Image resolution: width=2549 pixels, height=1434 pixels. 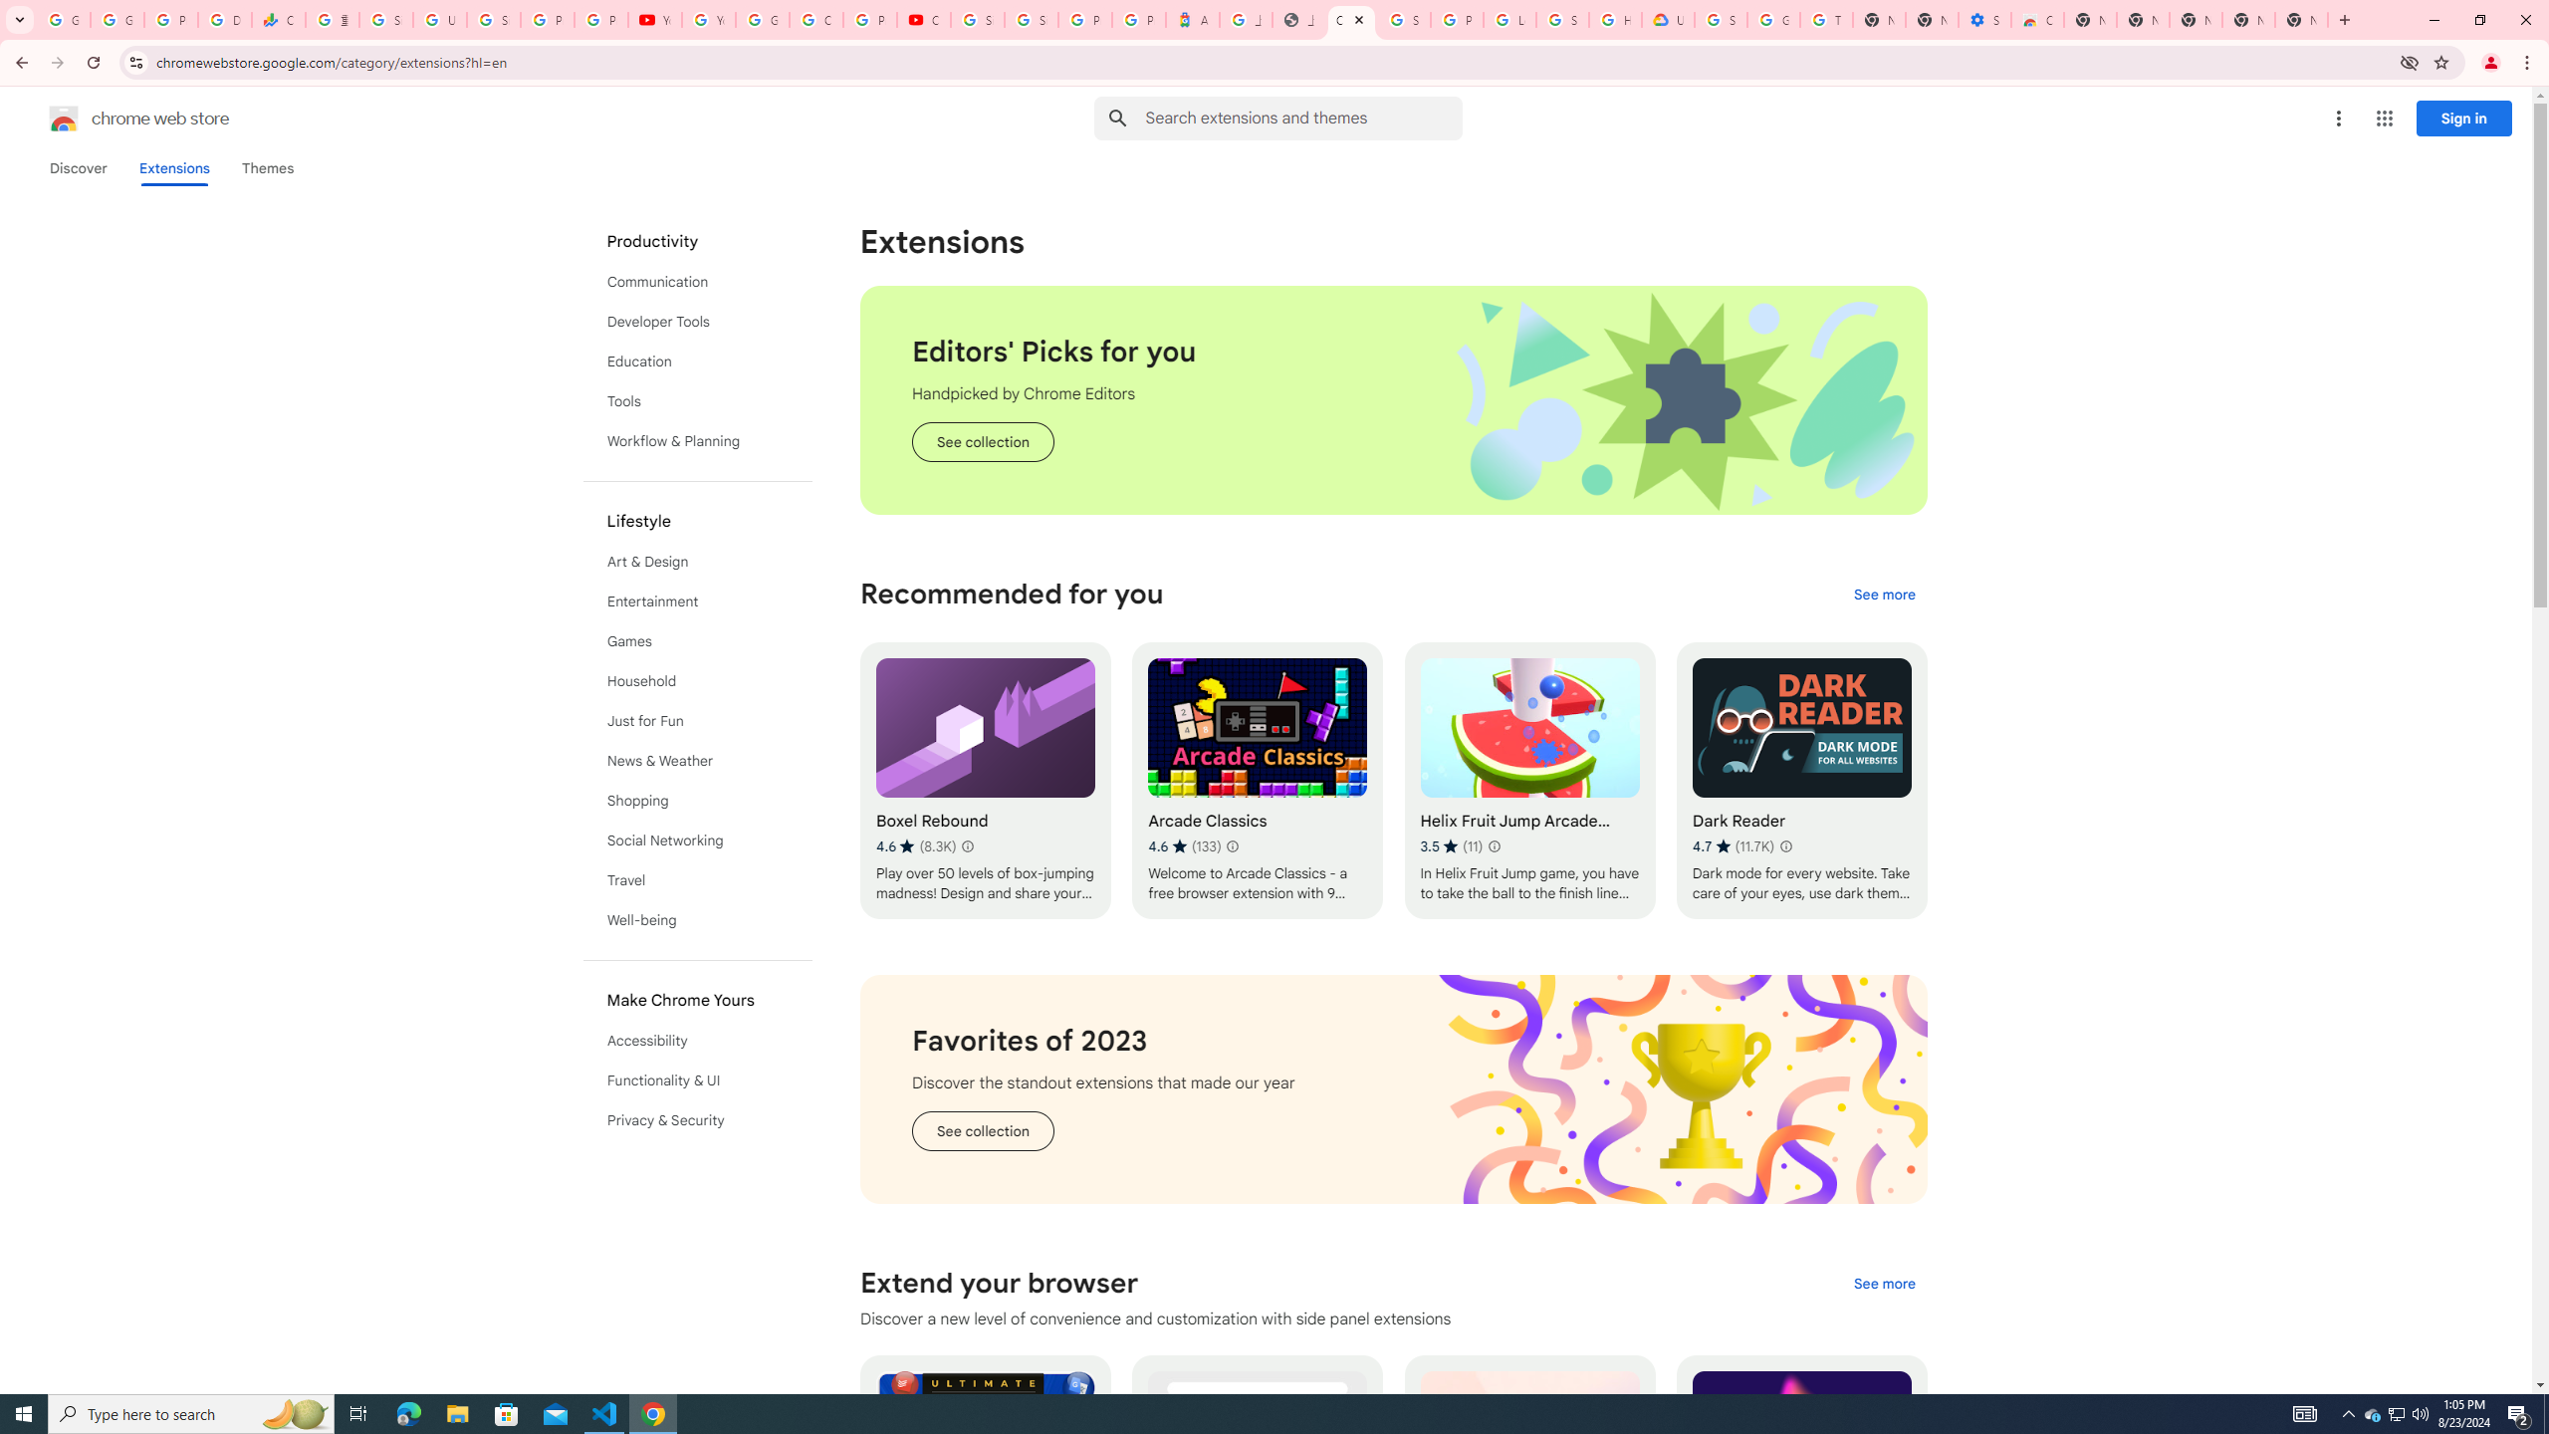 What do you see at coordinates (698, 400) in the screenshot?
I see `'Tools'` at bounding box center [698, 400].